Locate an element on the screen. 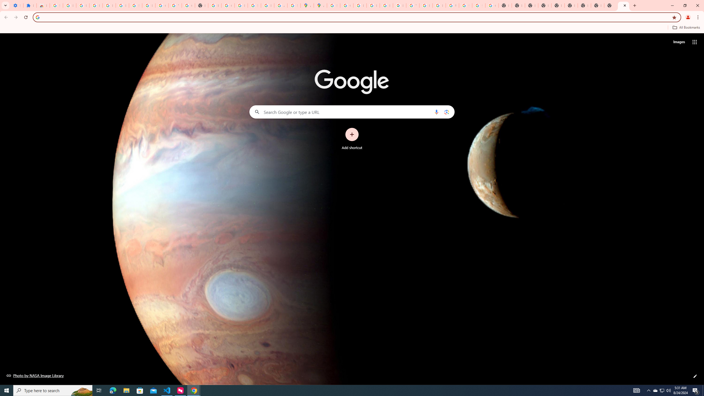  'Delete photos & videos - Computer - Google Photos Help' is located at coordinates (95, 5).